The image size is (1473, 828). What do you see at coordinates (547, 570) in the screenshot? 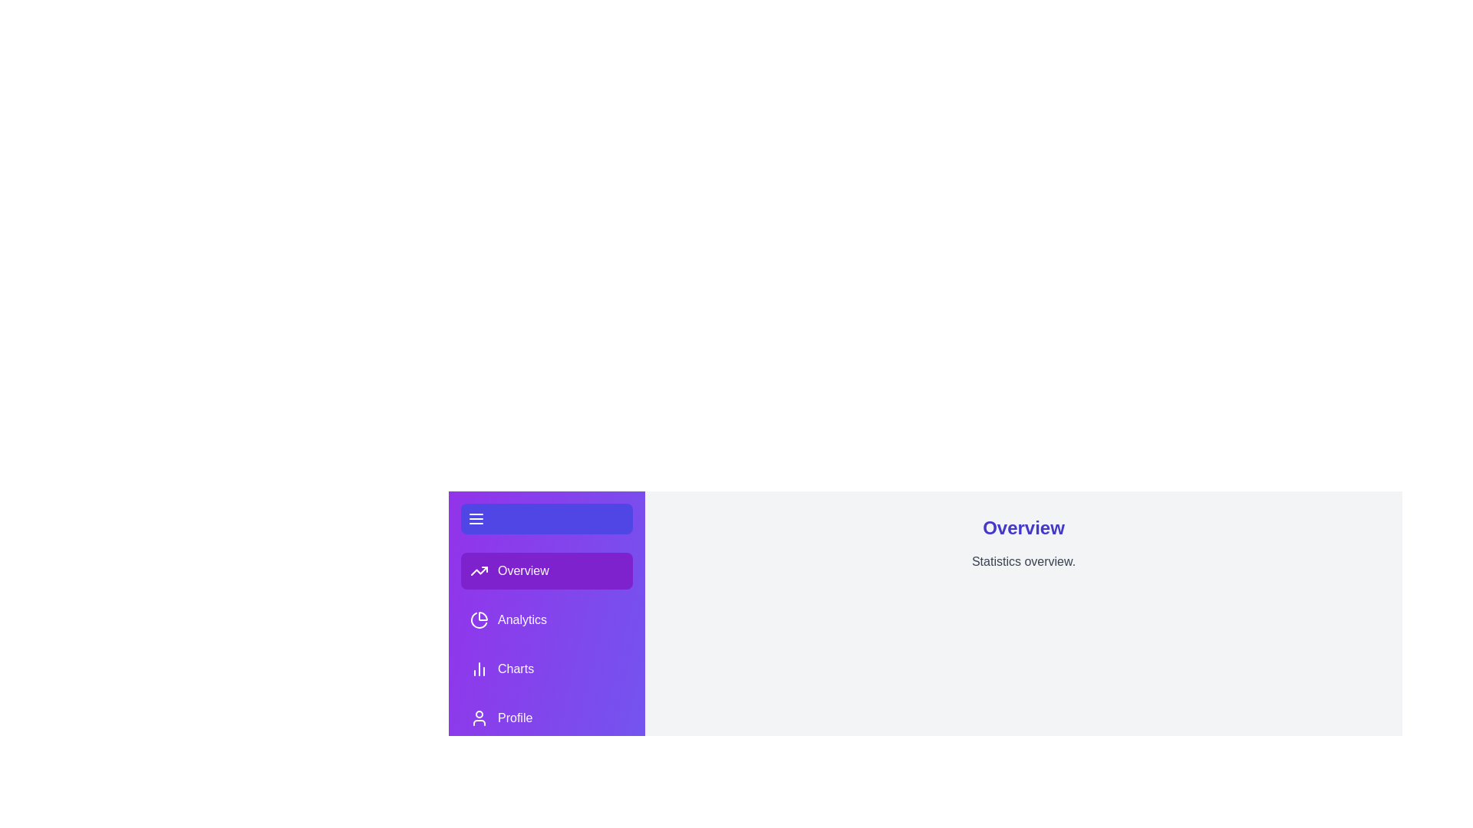
I see `the Overview section from the navigation menu` at bounding box center [547, 570].